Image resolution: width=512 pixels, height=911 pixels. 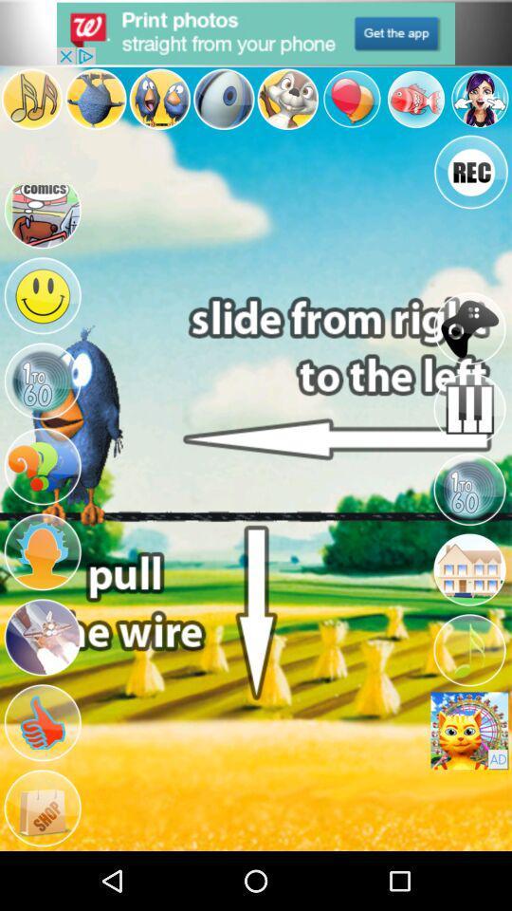 I want to click on the play icon, so click(x=42, y=426).